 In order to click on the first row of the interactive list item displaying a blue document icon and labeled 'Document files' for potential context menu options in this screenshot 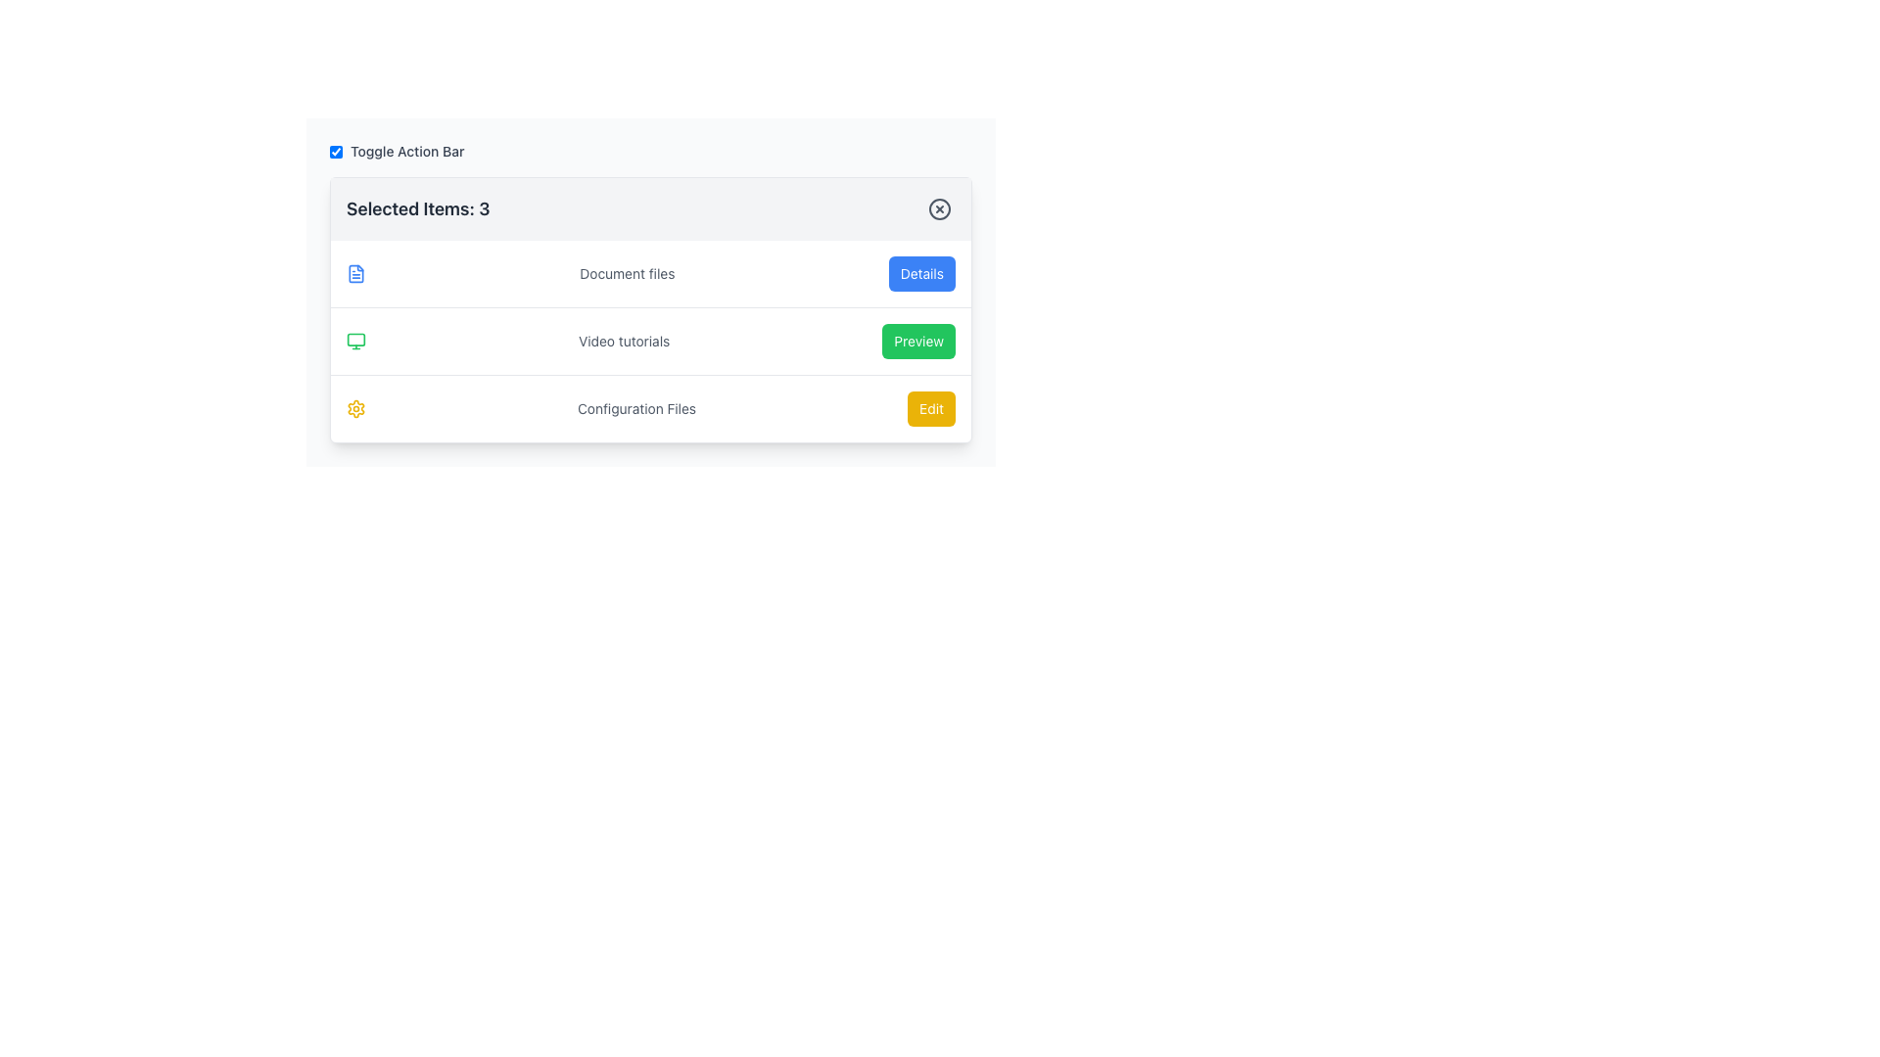, I will do `click(651, 274)`.